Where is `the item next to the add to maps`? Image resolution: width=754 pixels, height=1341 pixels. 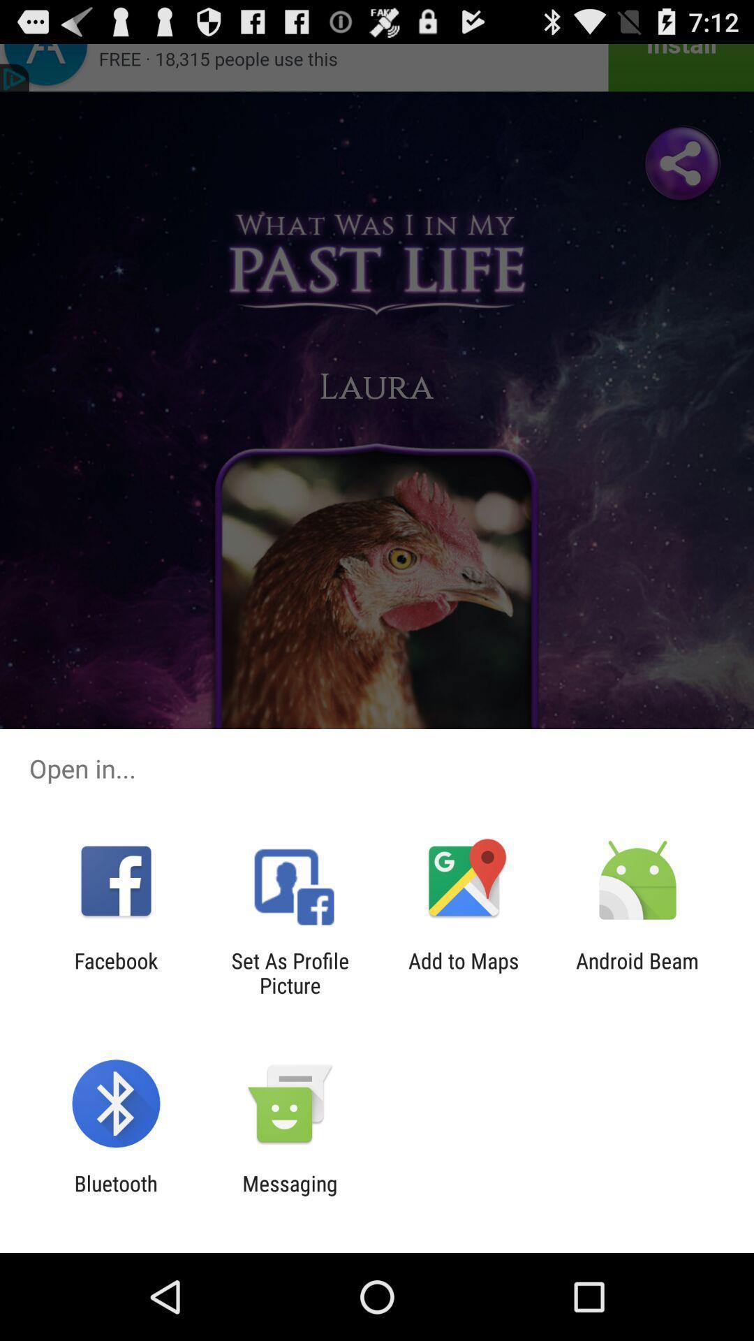
the item next to the add to maps is located at coordinates (637, 972).